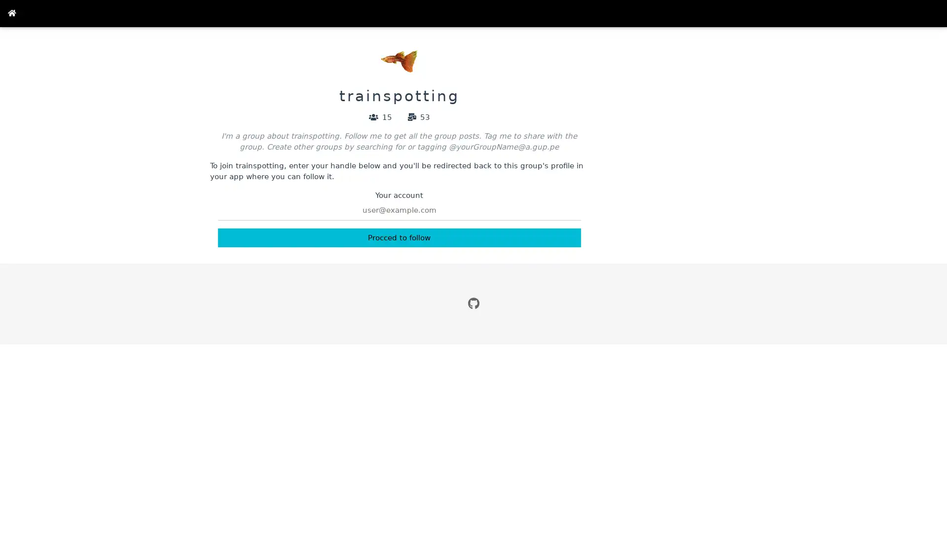 The height and width of the screenshot is (533, 947). Describe the element at coordinates (399, 237) in the screenshot. I see `Procced to follow` at that location.